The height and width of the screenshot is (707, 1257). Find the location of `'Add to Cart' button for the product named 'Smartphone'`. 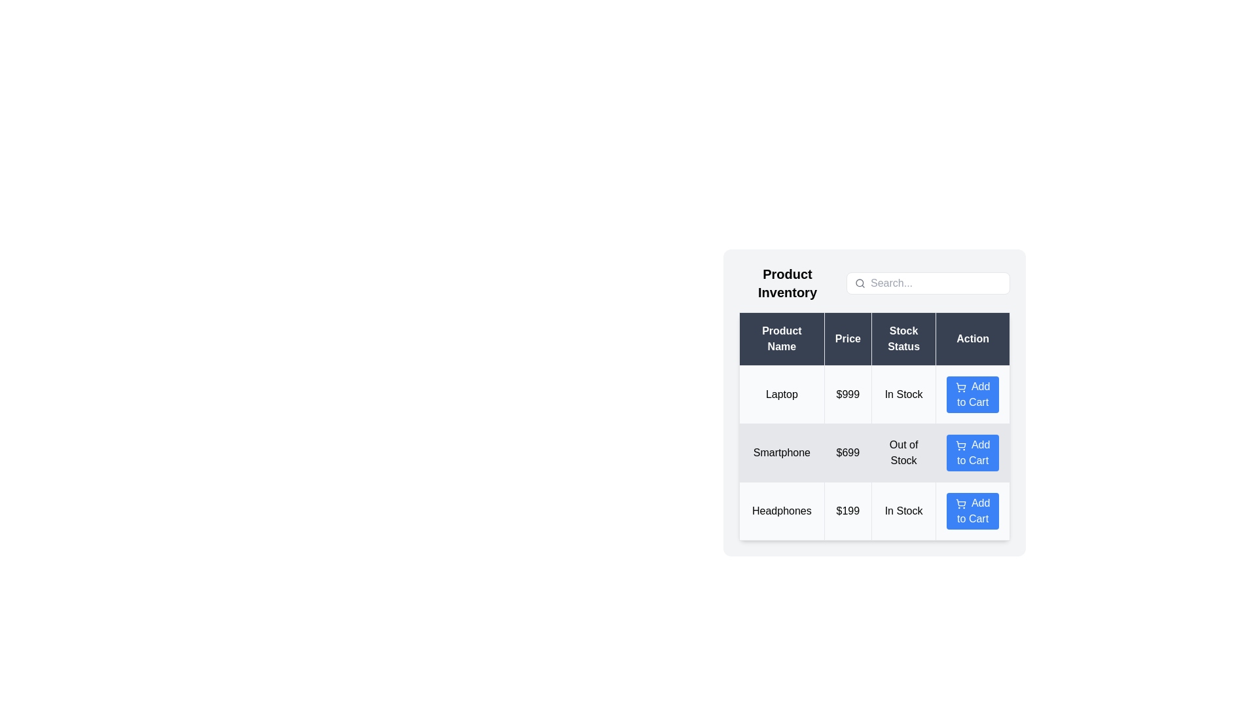

'Add to Cart' button for the product named 'Smartphone' is located at coordinates (973, 452).